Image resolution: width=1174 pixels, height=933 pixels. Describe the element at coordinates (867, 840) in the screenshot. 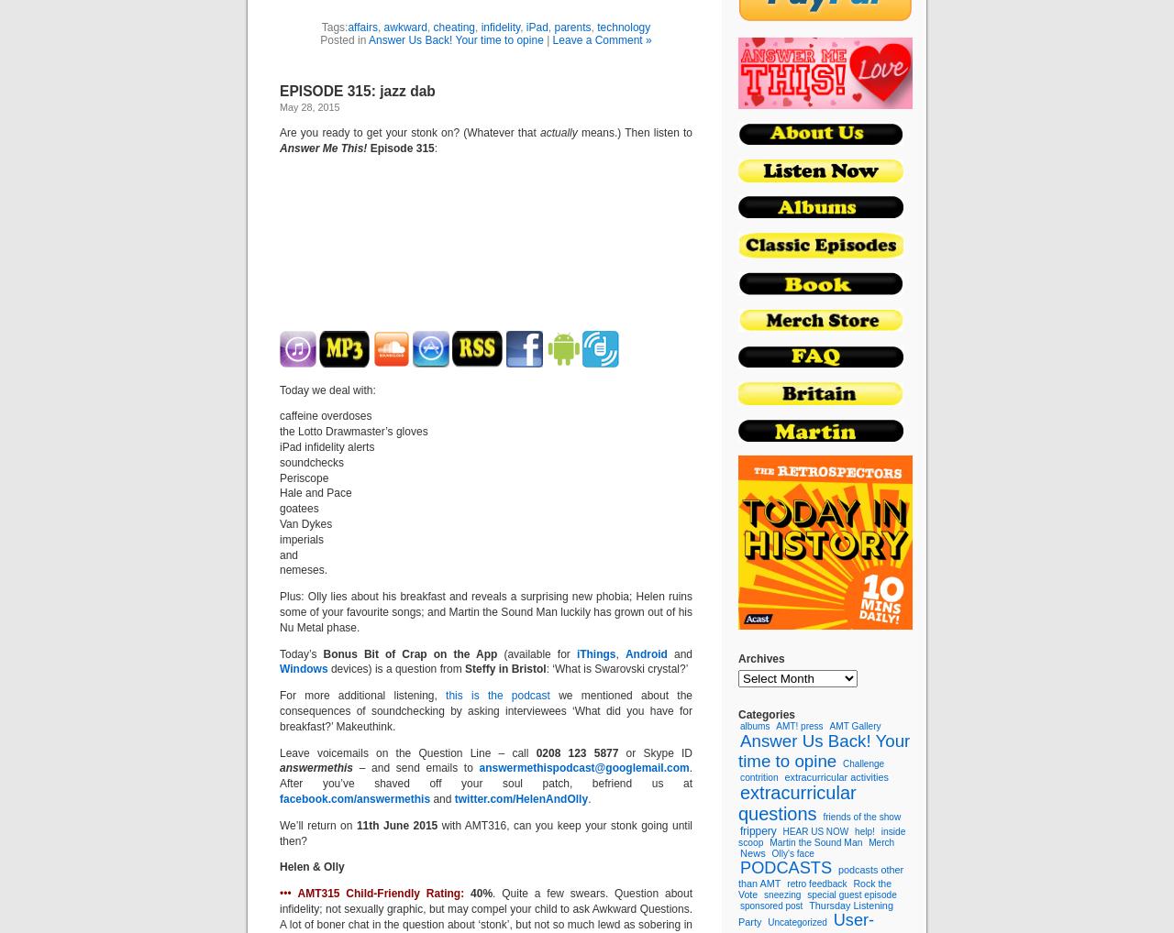

I see `'Merch'` at that location.